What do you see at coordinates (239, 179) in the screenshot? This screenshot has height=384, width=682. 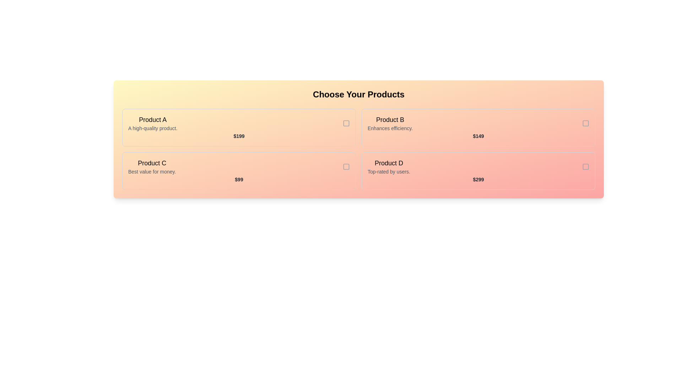 I see `the price of Product C` at bounding box center [239, 179].